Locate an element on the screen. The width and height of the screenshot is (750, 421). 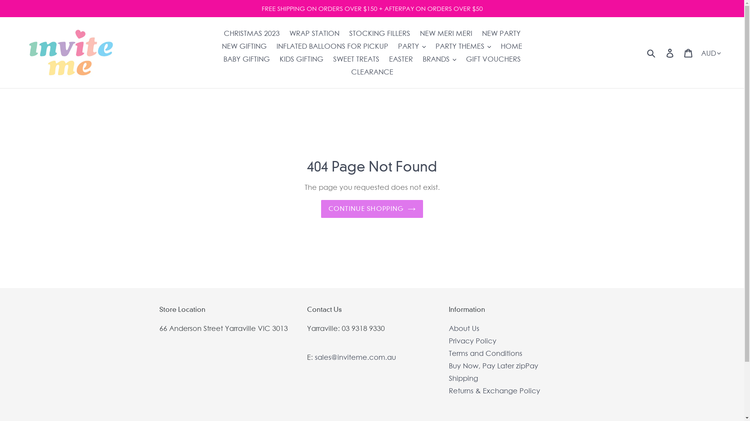
'WRAP STATION' is located at coordinates (314, 33).